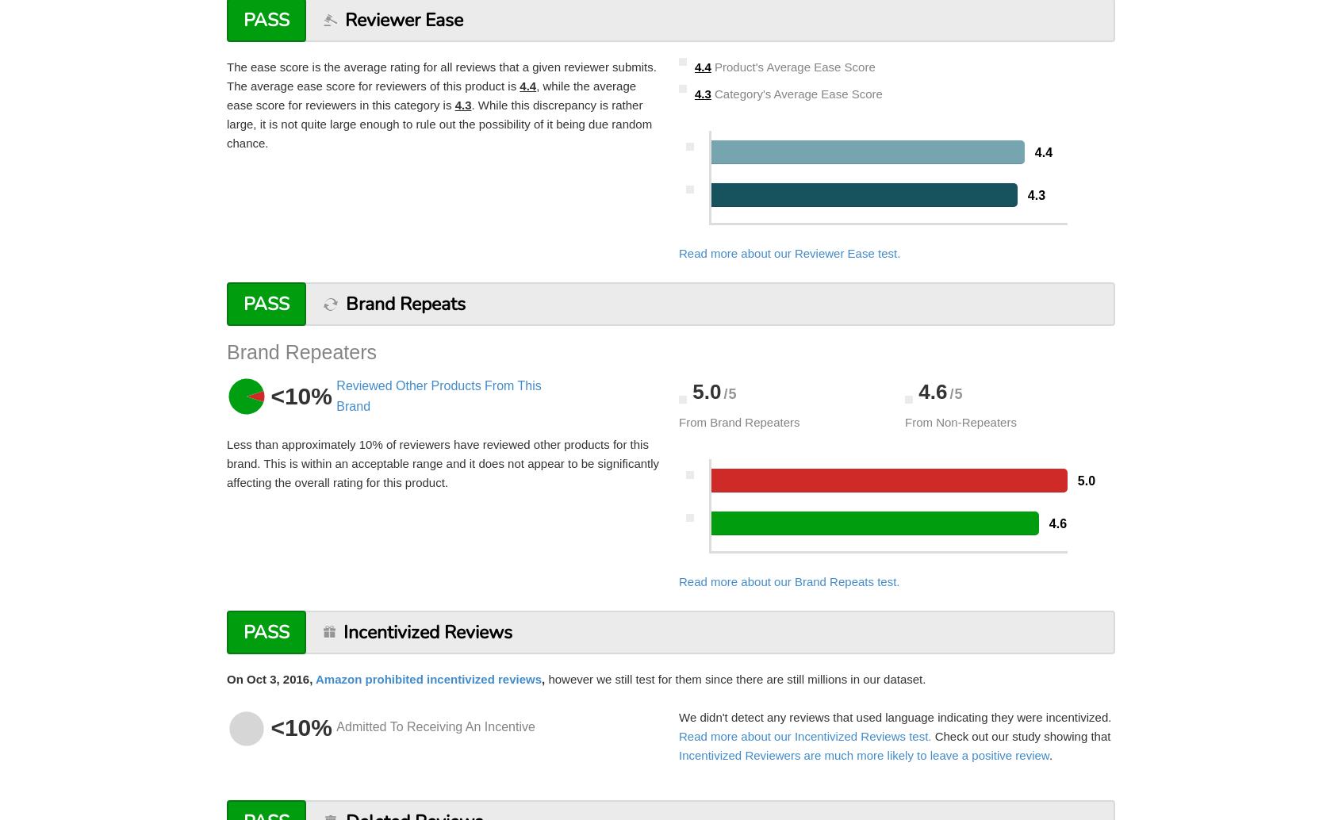 The width and height of the screenshot is (1342, 820). What do you see at coordinates (225, 351) in the screenshot?
I see `'Brand Repeaters'` at bounding box center [225, 351].